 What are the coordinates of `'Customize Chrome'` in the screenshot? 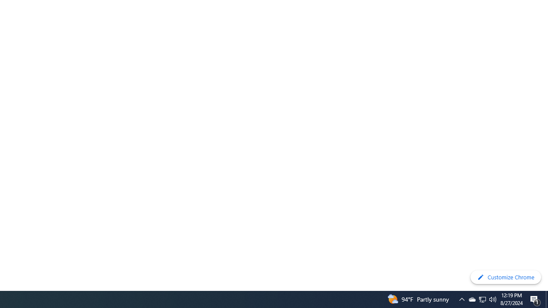 It's located at (506, 277).